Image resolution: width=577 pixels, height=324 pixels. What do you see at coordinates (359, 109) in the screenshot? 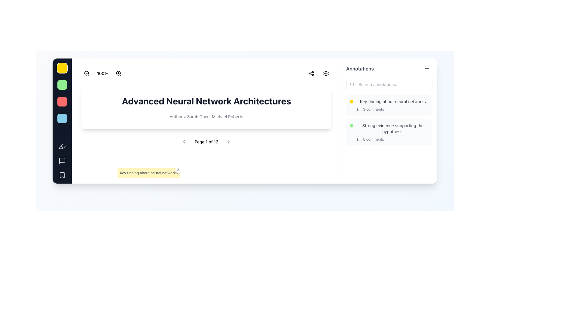
I see `the graphical icon representing comments or discussions associated with the annotation entry titled 'Key finding about neural networks'` at bounding box center [359, 109].